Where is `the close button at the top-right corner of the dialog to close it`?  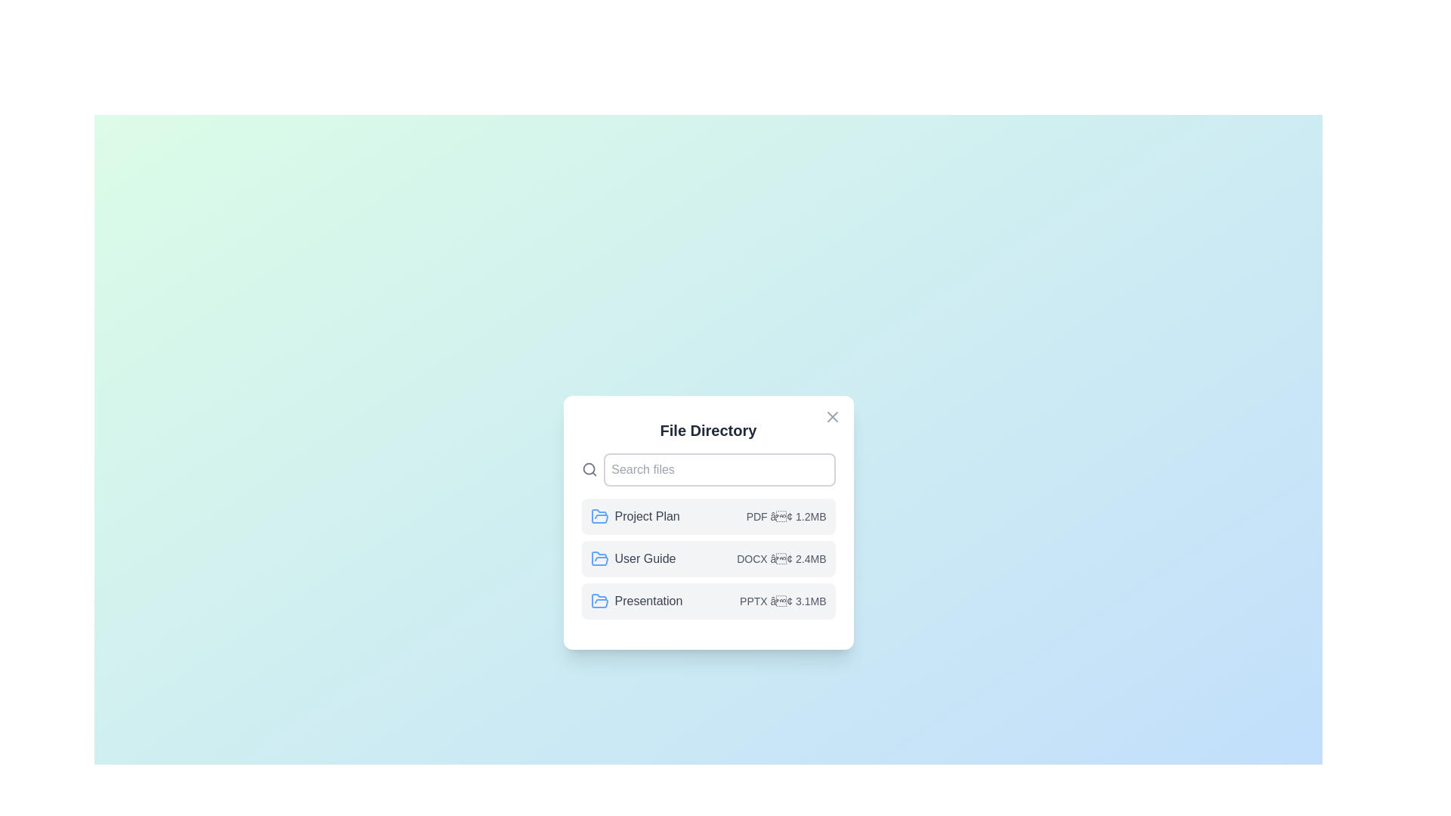 the close button at the top-right corner of the dialog to close it is located at coordinates (831, 416).